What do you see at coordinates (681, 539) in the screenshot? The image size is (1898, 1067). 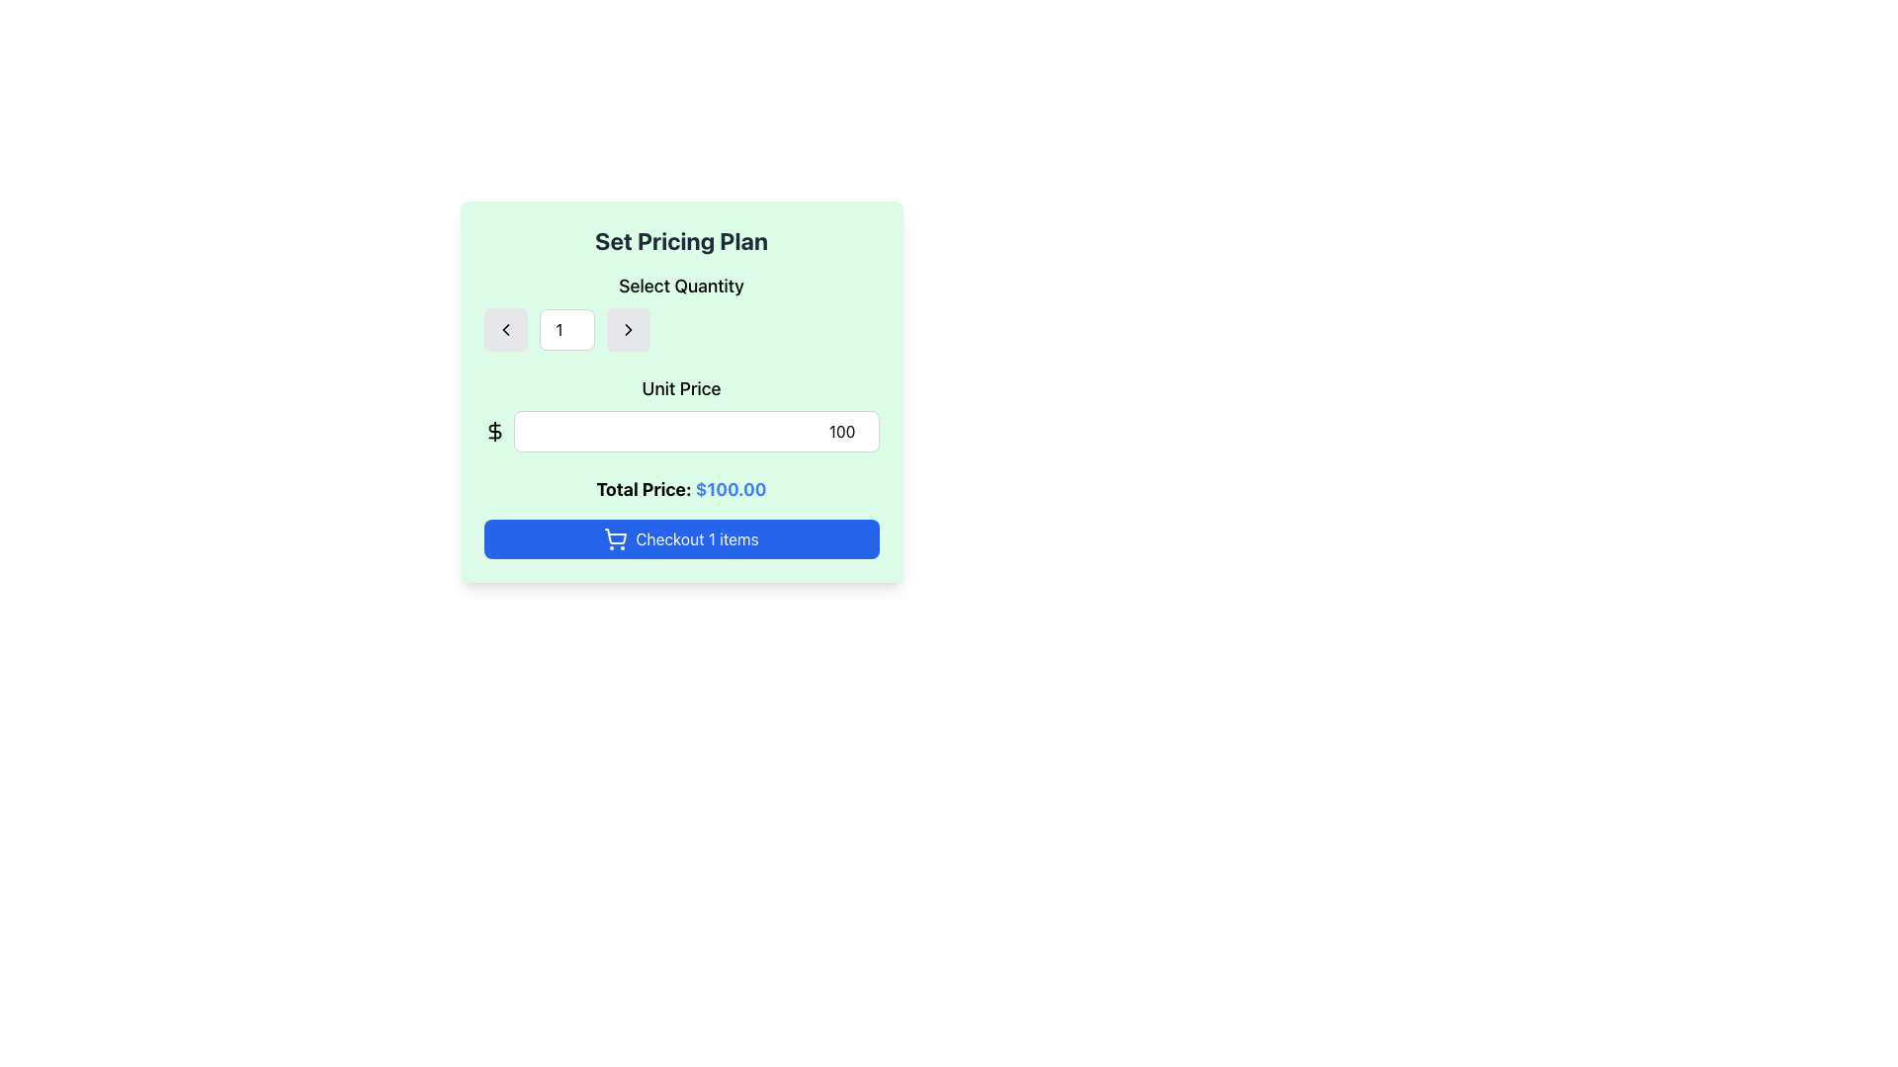 I see `the 'Checkout 1 items' button, which is a horizontally elongated button with a blue background and white text, located at the bottom of the green panel labeled 'Set Pricing Plan'` at bounding box center [681, 539].